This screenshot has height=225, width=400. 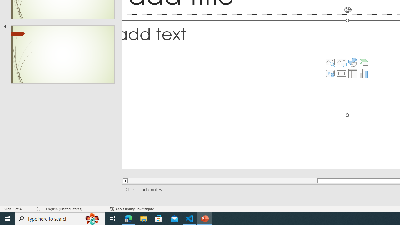 I want to click on 'Insert Video', so click(x=341, y=73).